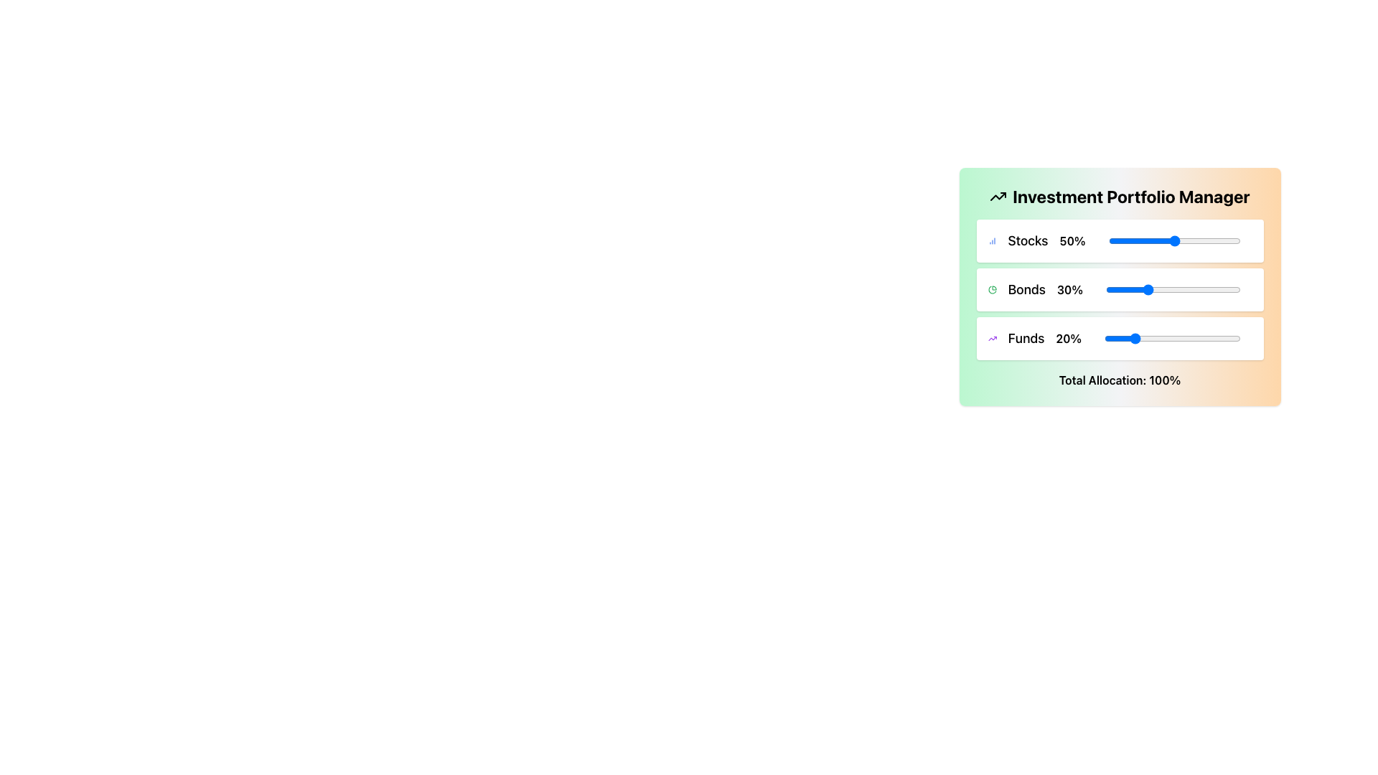  Describe the element at coordinates (1026, 338) in the screenshot. I see `the 'Funds' text label, which is prominently displayed in bold, large font size, located within the third row of the allocation list, to the left of the '20%' percentage text` at that location.